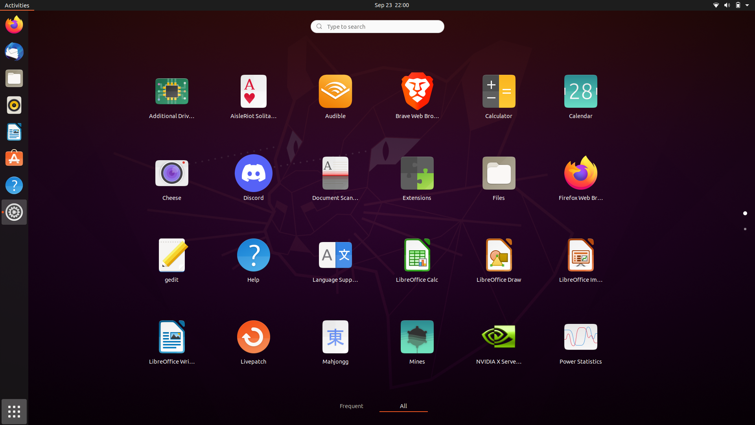 This screenshot has width=755, height=425. Describe the element at coordinates (580, 96) in the screenshot. I see `up the Calendar app` at that location.